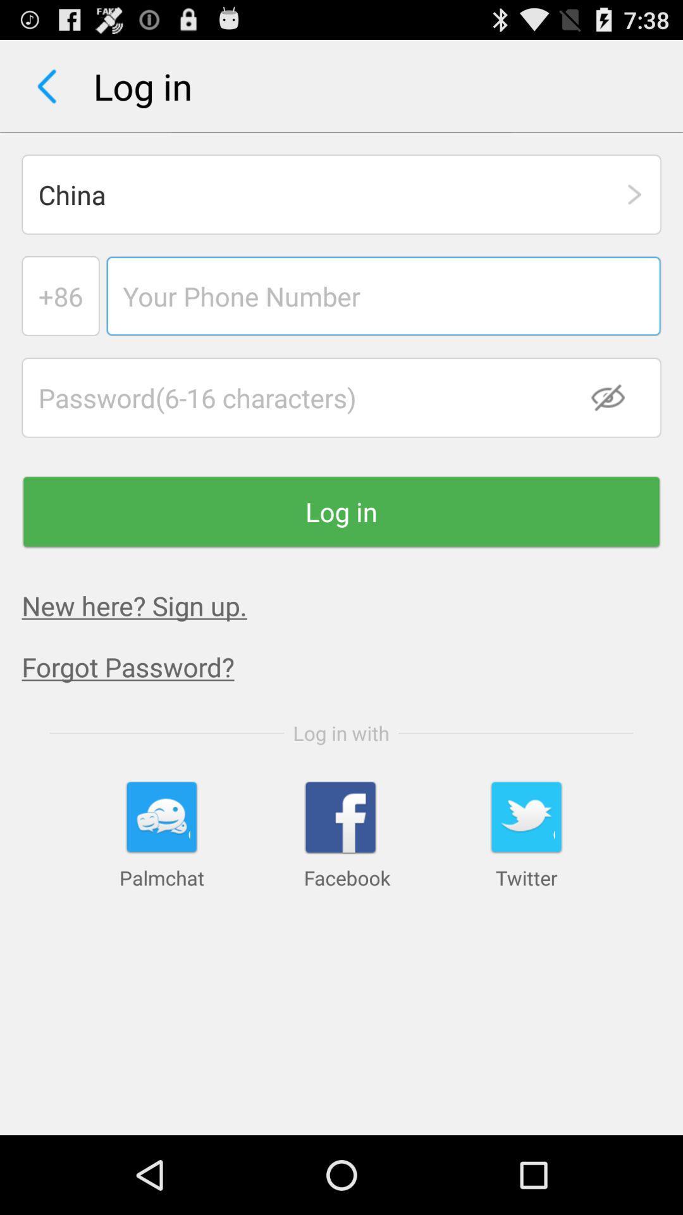  Describe the element at coordinates (615, 397) in the screenshot. I see `checkbox` at that location.